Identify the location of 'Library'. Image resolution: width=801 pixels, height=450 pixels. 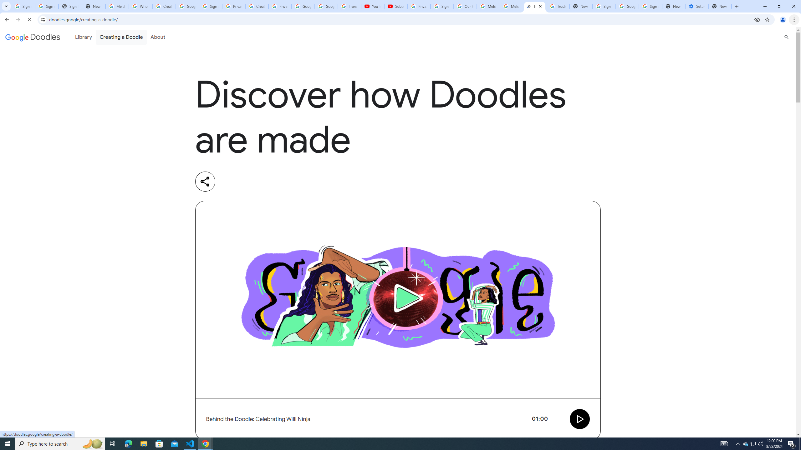
(83, 37).